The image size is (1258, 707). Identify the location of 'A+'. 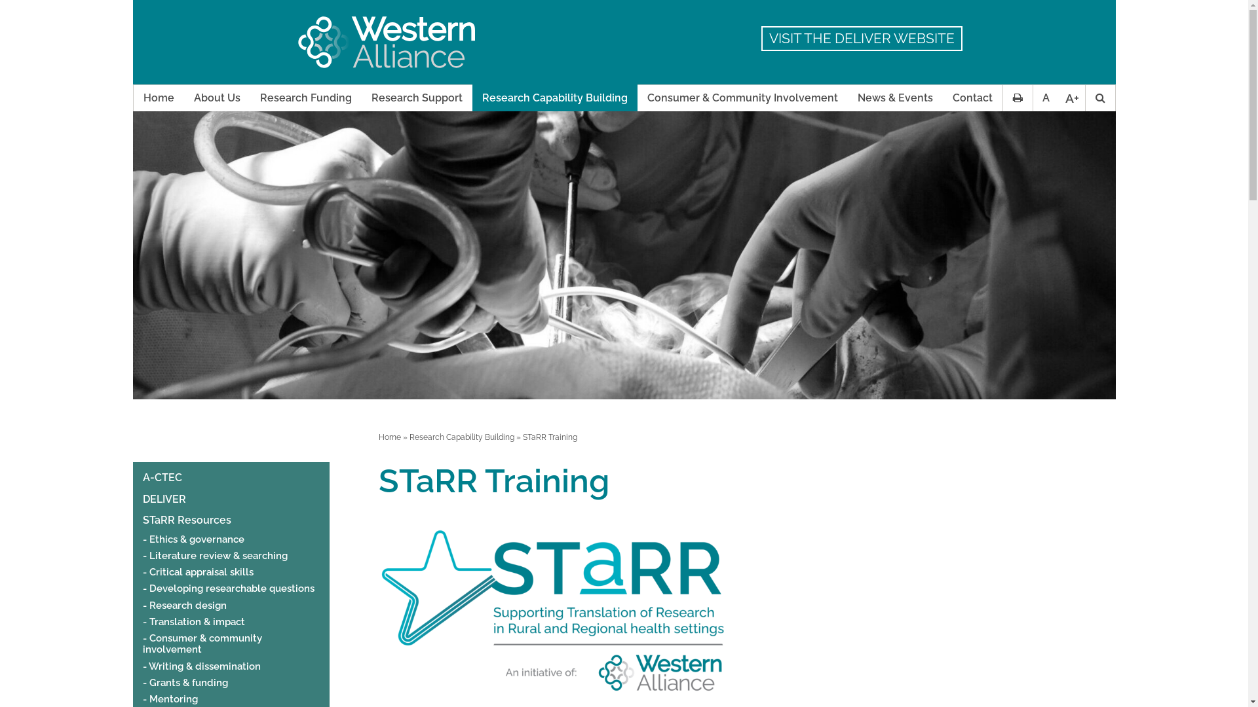
(1072, 98).